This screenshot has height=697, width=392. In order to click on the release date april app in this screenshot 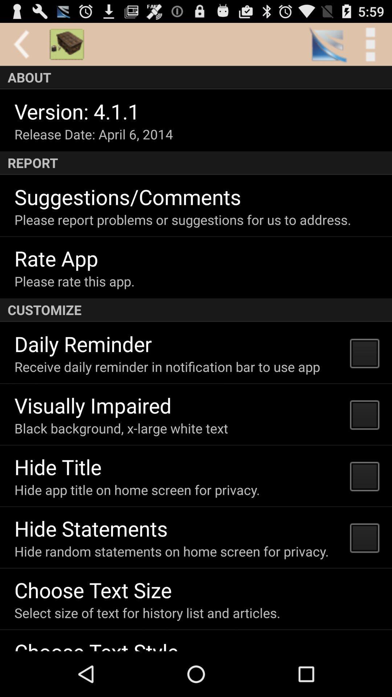, I will do `click(93, 134)`.